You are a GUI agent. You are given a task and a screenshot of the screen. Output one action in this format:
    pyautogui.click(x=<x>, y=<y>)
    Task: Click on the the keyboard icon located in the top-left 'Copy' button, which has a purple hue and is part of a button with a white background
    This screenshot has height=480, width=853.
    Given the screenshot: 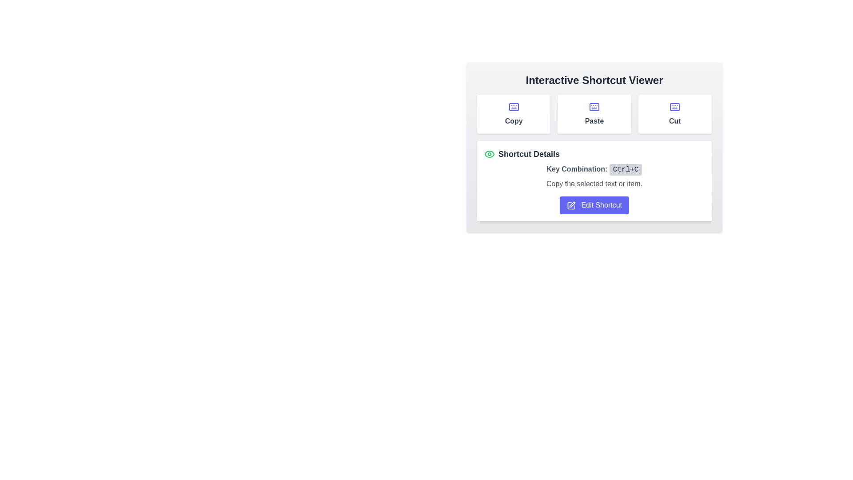 What is the action you would take?
    pyautogui.click(x=514, y=106)
    